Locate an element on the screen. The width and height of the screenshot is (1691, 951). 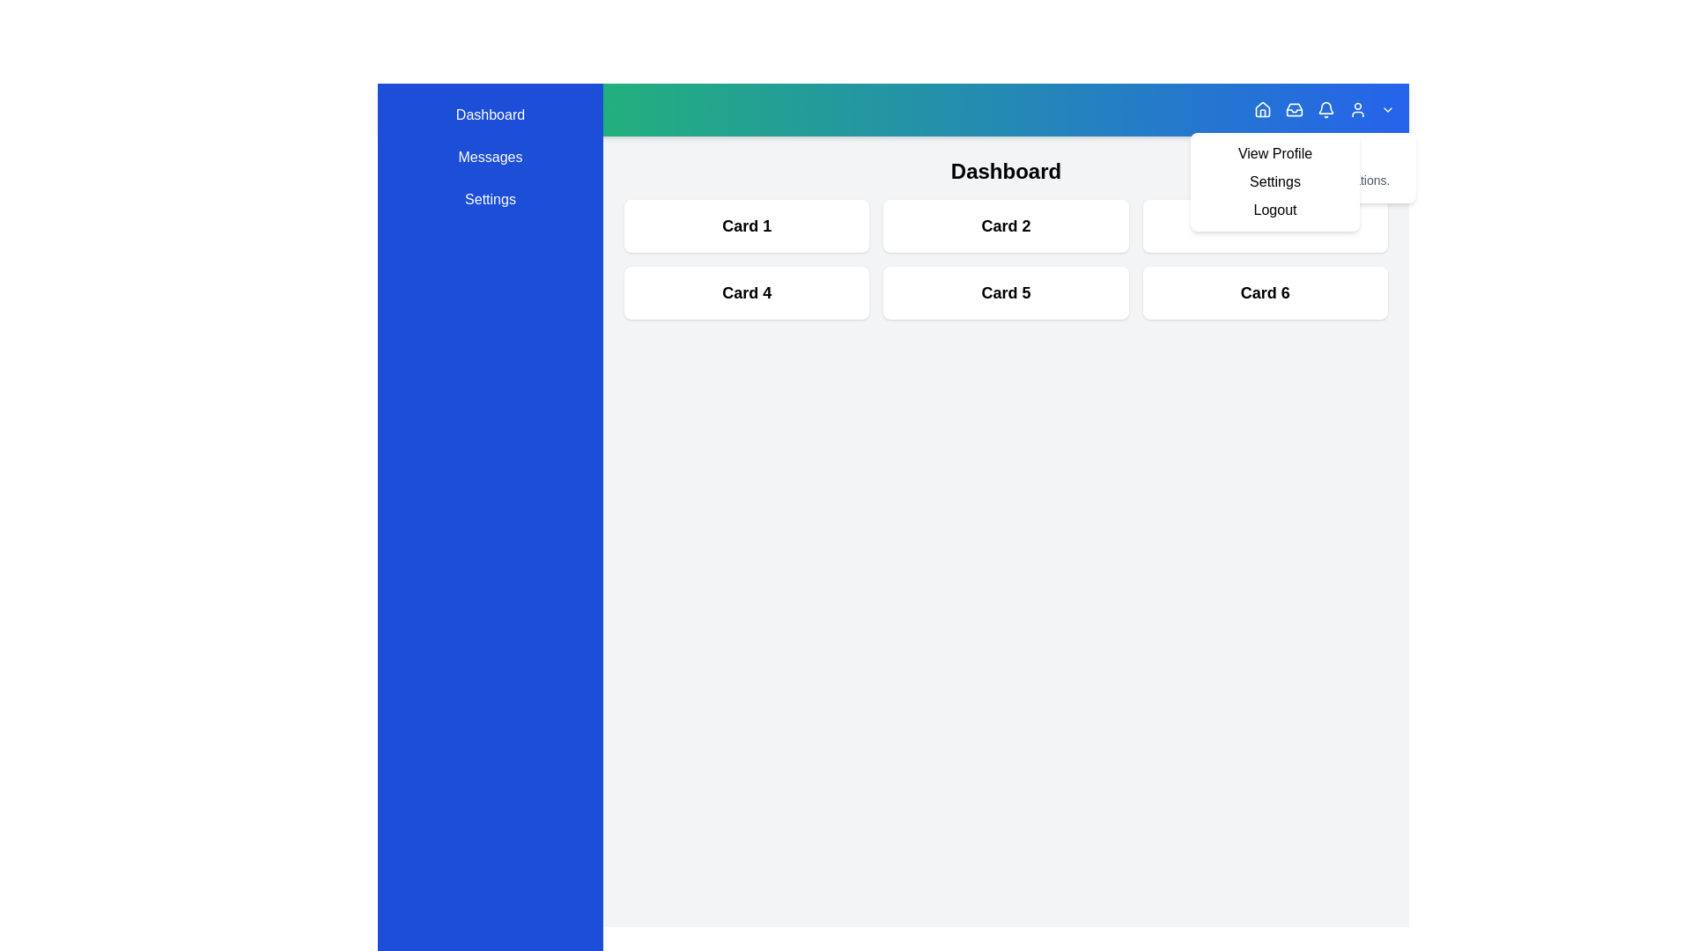
label displaying 'Card 4' which is styled in bold black text and located in the second row of card widgets is located at coordinates (747, 291).